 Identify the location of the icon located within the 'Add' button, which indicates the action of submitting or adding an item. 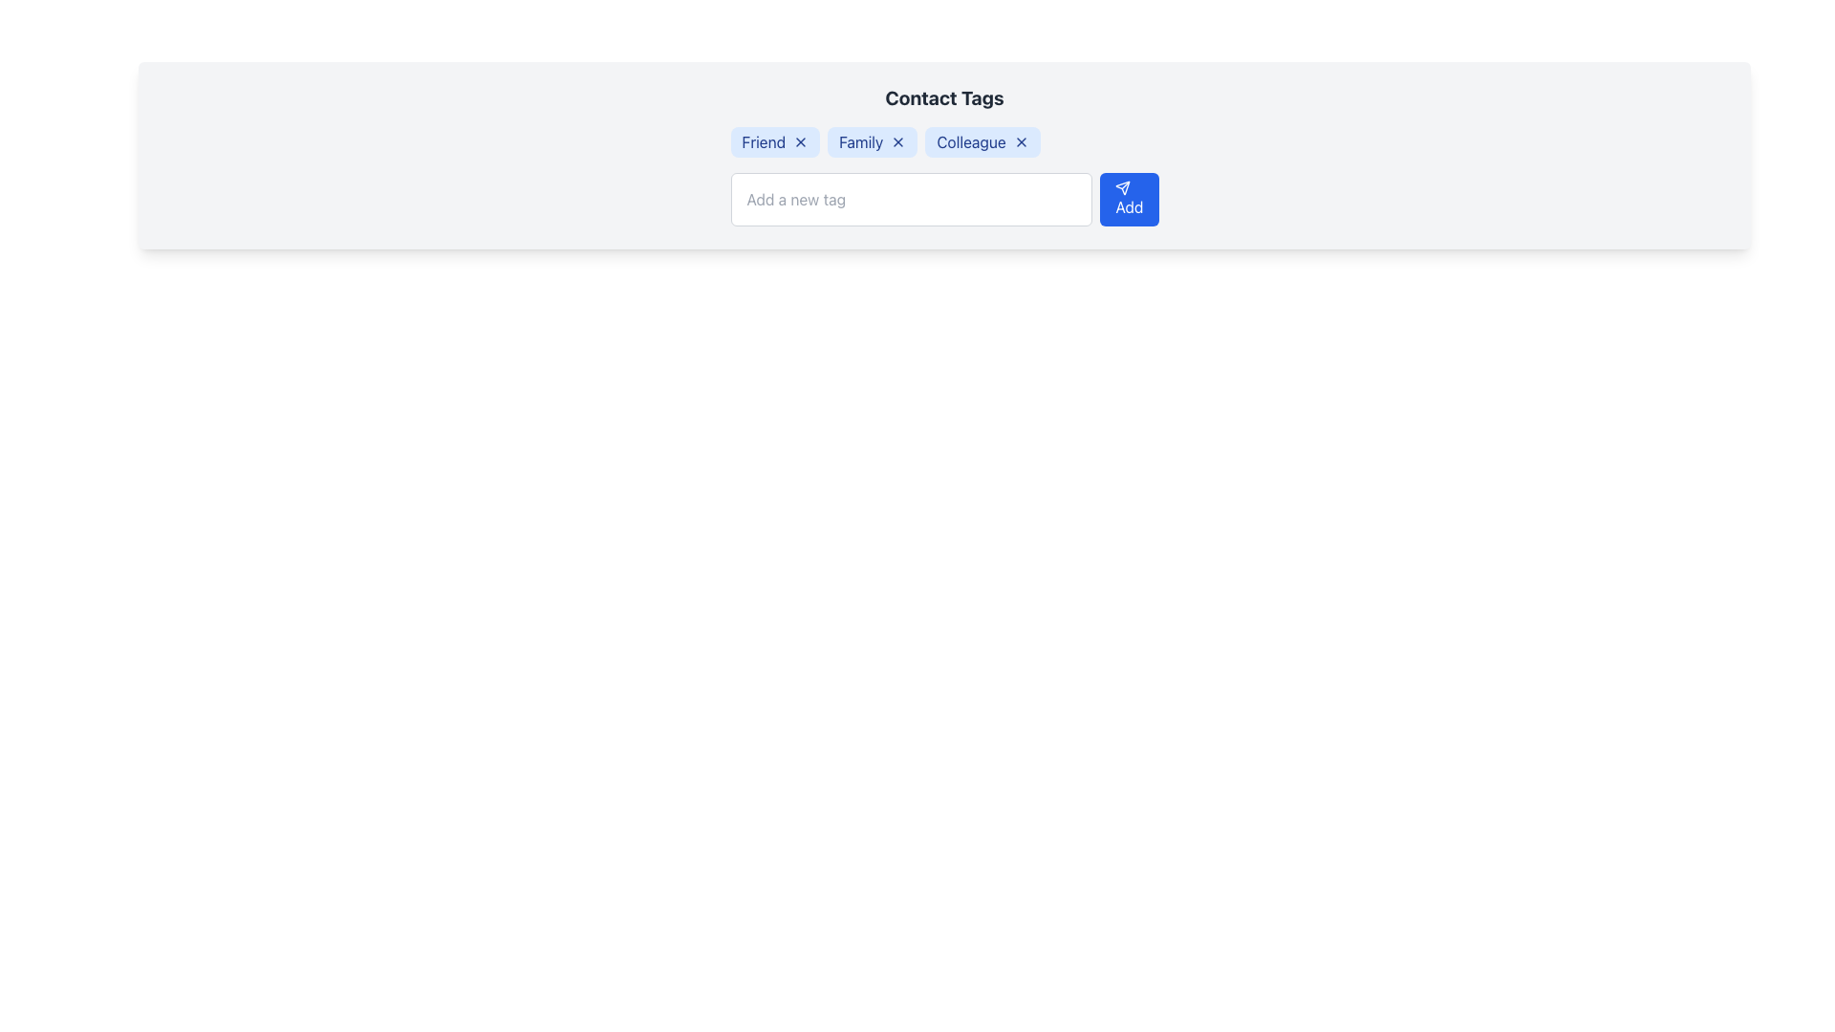
(1123, 187).